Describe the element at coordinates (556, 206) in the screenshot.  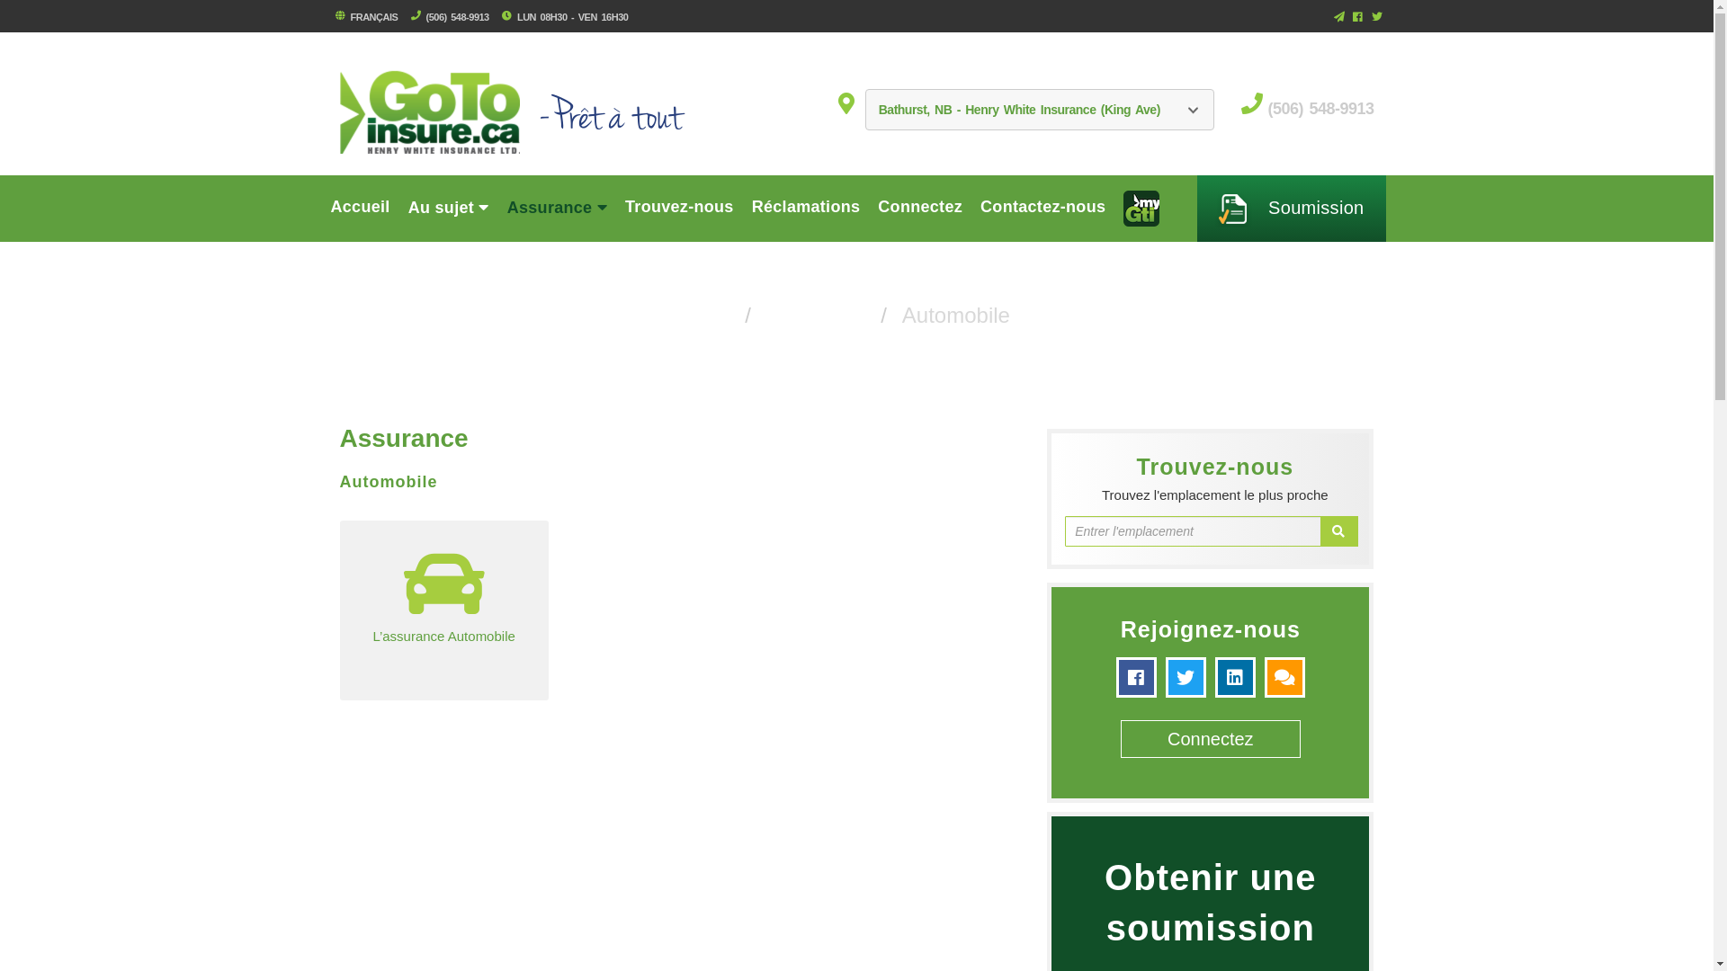
I see `'Assurance'` at that location.